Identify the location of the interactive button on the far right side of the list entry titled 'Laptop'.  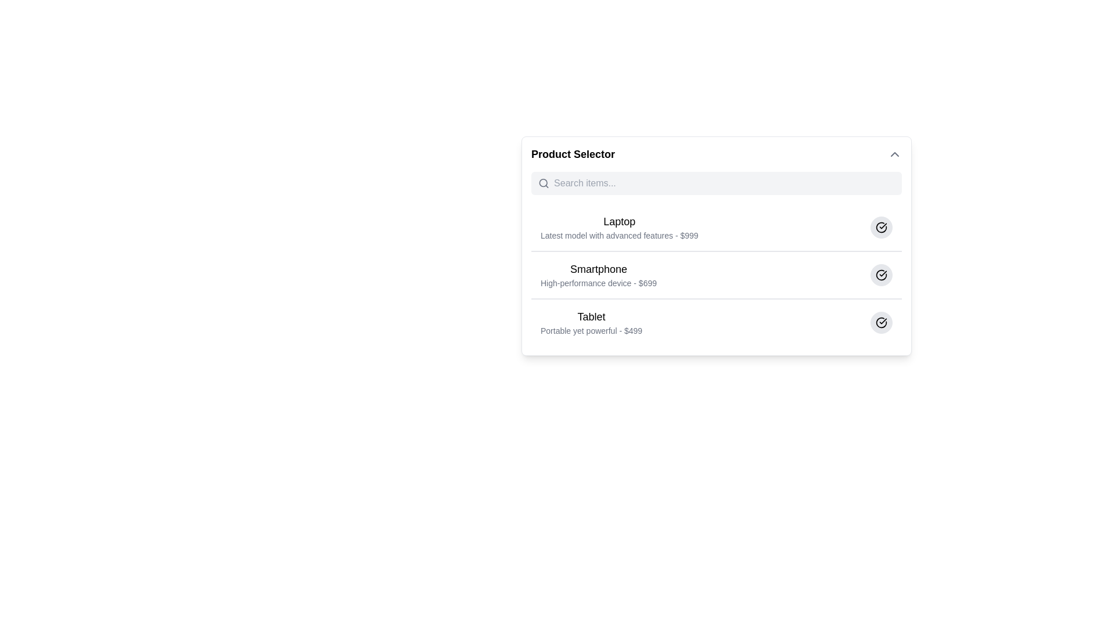
(881, 228).